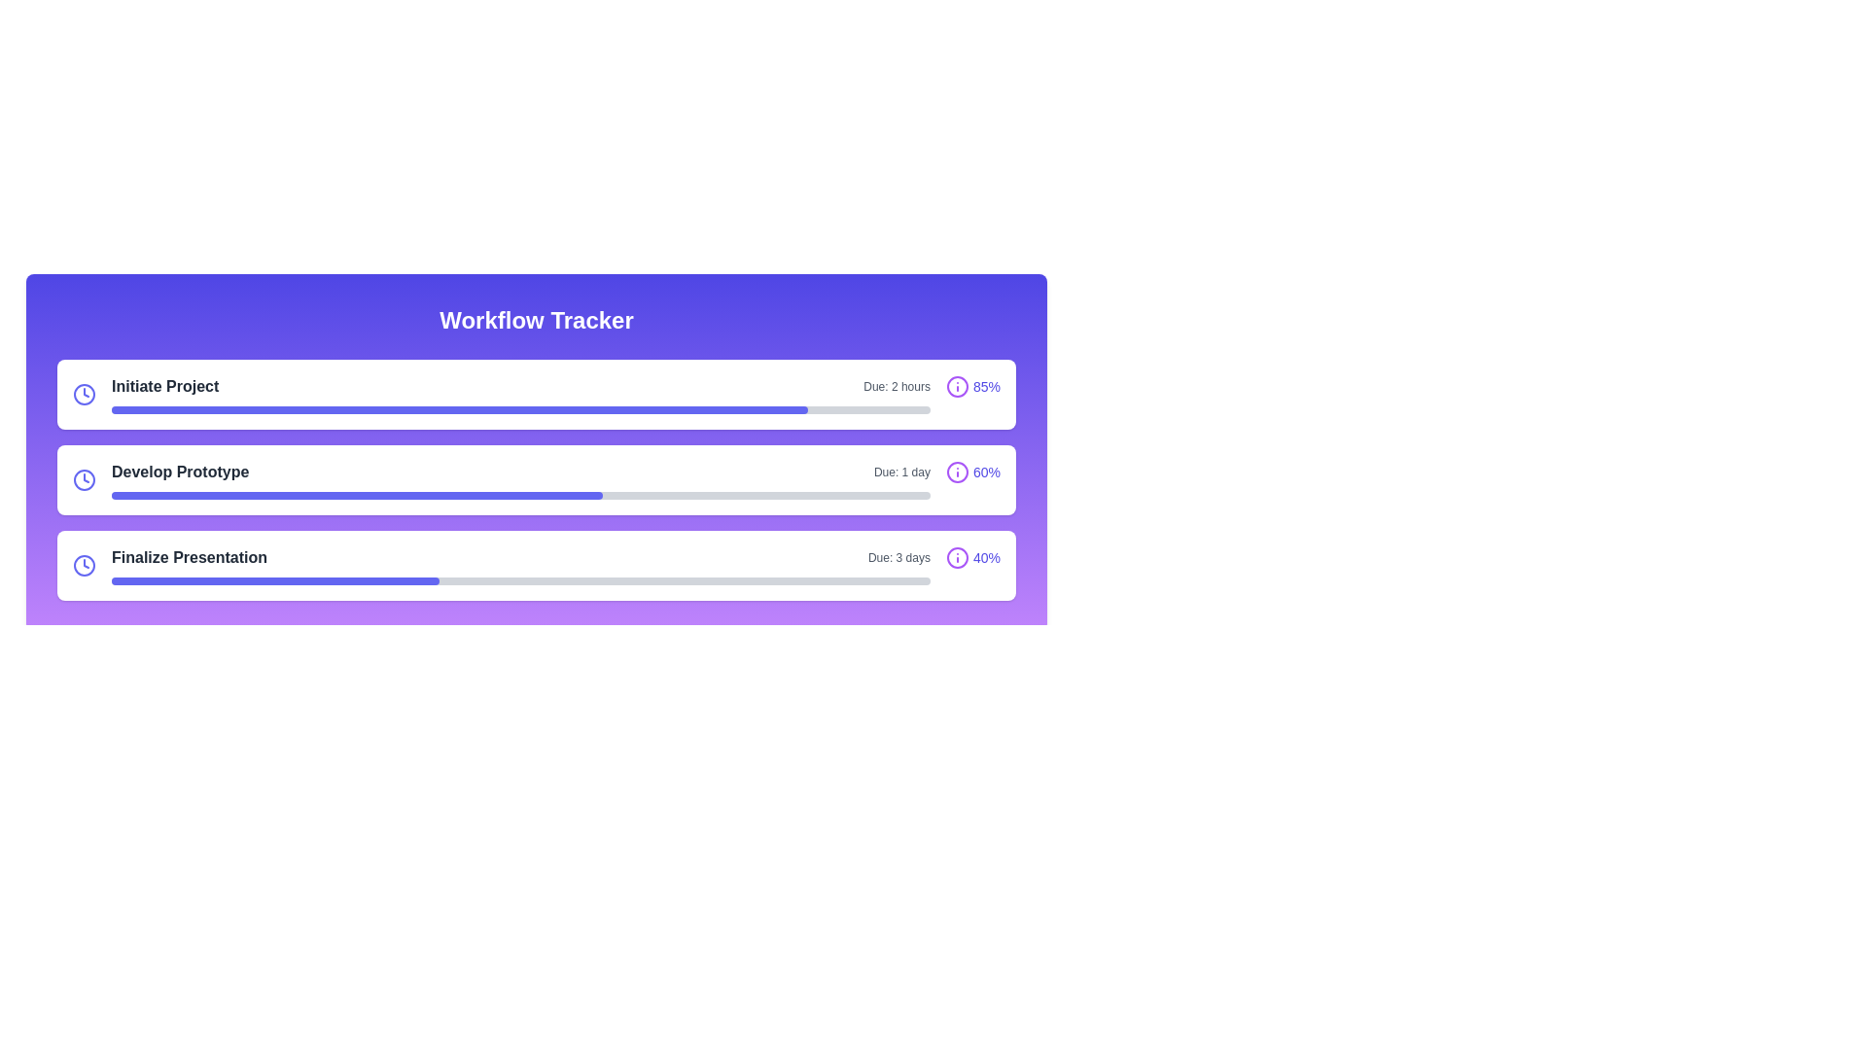 This screenshot has width=1867, height=1050. Describe the element at coordinates (83, 479) in the screenshot. I see `the time-related icon located to the left of the text 'Develop Prototype' at the upper-left corner of the card` at that location.